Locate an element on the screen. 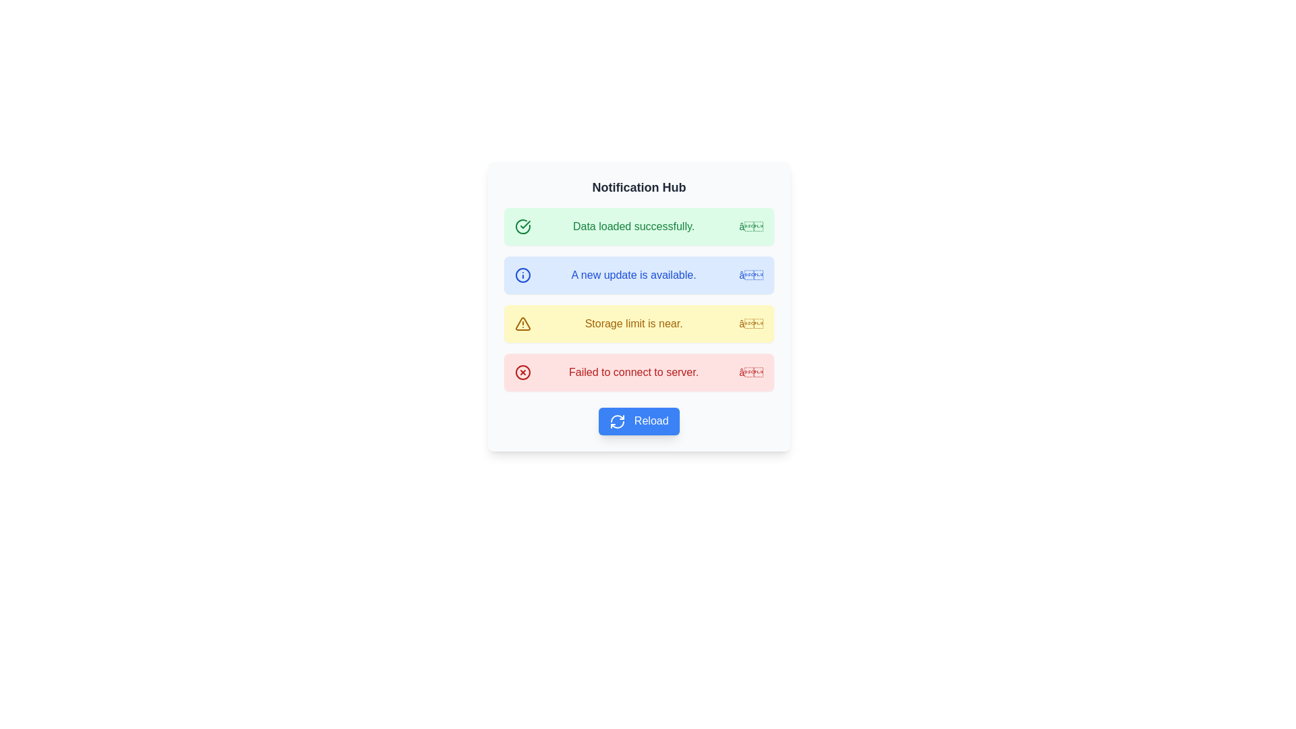  the dismiss button located at the rightmost end inside the notification card that contains the text 'A new update is available.' in the second row of the notification list is located at coordinates (751, 275).